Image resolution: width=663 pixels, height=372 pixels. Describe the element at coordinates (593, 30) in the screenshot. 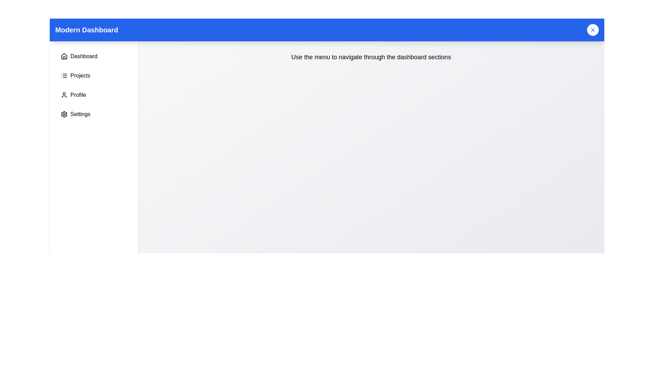

I see `the circular button with a white background and blue border containing an 'X' icon` at that location.